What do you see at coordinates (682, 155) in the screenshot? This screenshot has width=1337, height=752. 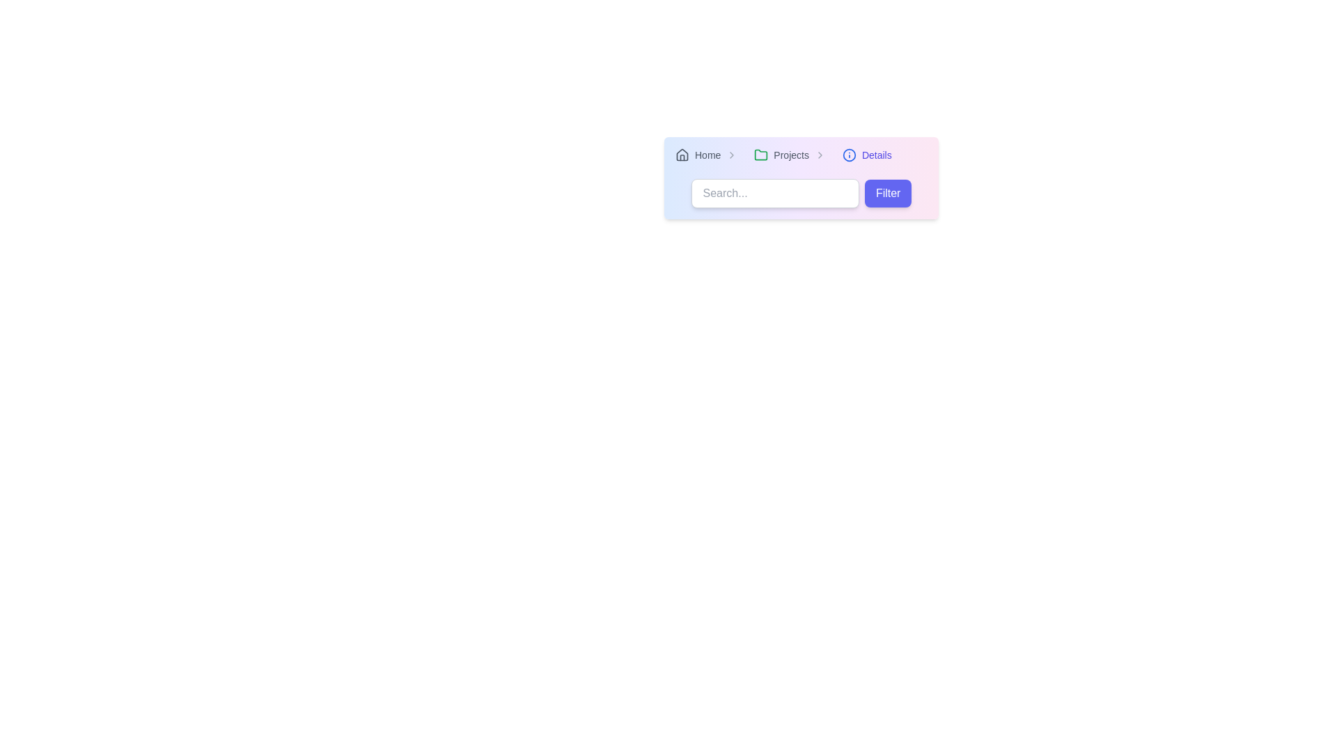 I see `the 'Home' icon located at the far left of the breadcrumb navigation bar` at bounding box center [682, 155].